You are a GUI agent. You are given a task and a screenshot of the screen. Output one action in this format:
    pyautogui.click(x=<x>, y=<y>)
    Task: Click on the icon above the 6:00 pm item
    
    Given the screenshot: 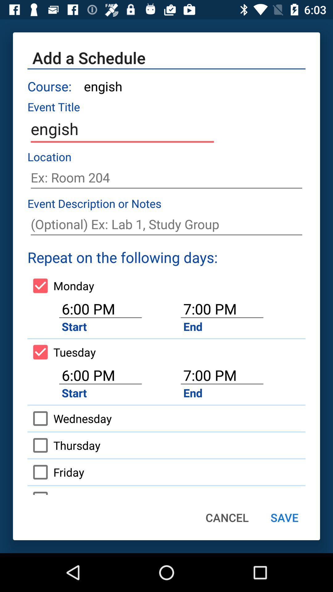 What is the action you would take?
    pyautogui.click(x=61, y=285)
    